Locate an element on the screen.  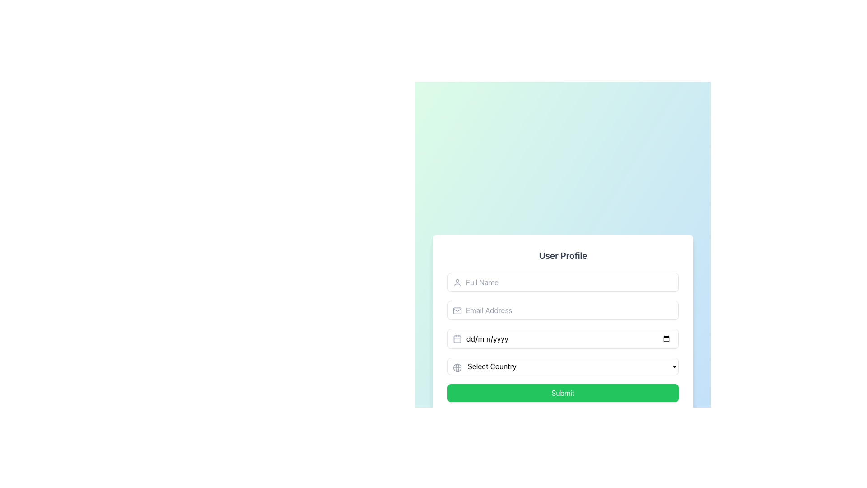
the SVG icon indicating the 'Full Name' input field, located at the far left side near the top edge of the field is located at coordinates (457, 282).